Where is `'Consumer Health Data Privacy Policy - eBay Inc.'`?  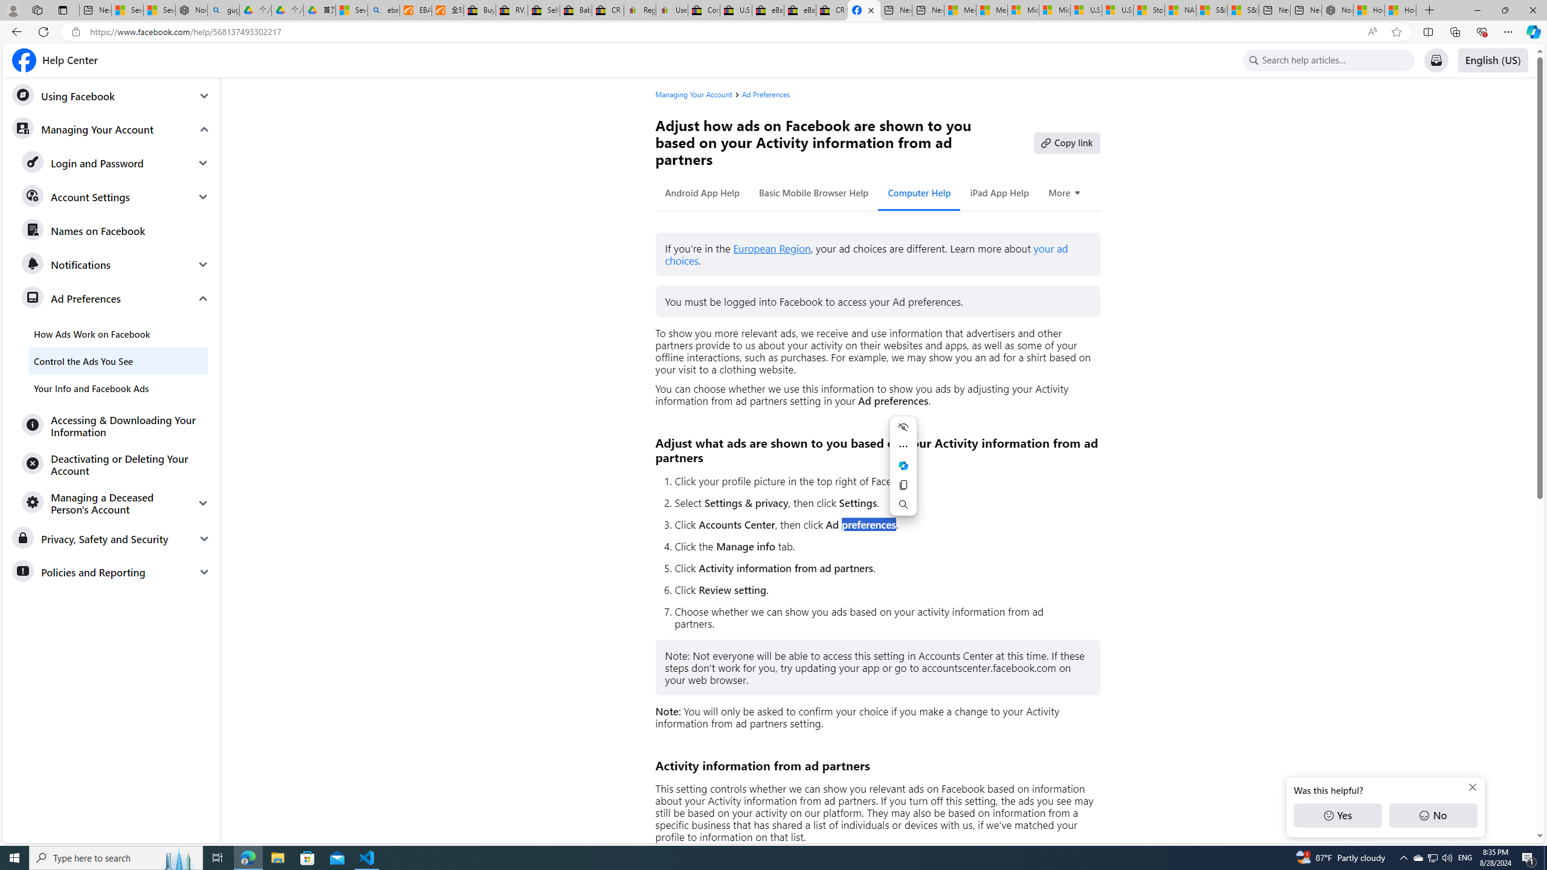
'Consumer Health Data Privacy Policy - eBay Inc.' is located at coordinates (703, 10).